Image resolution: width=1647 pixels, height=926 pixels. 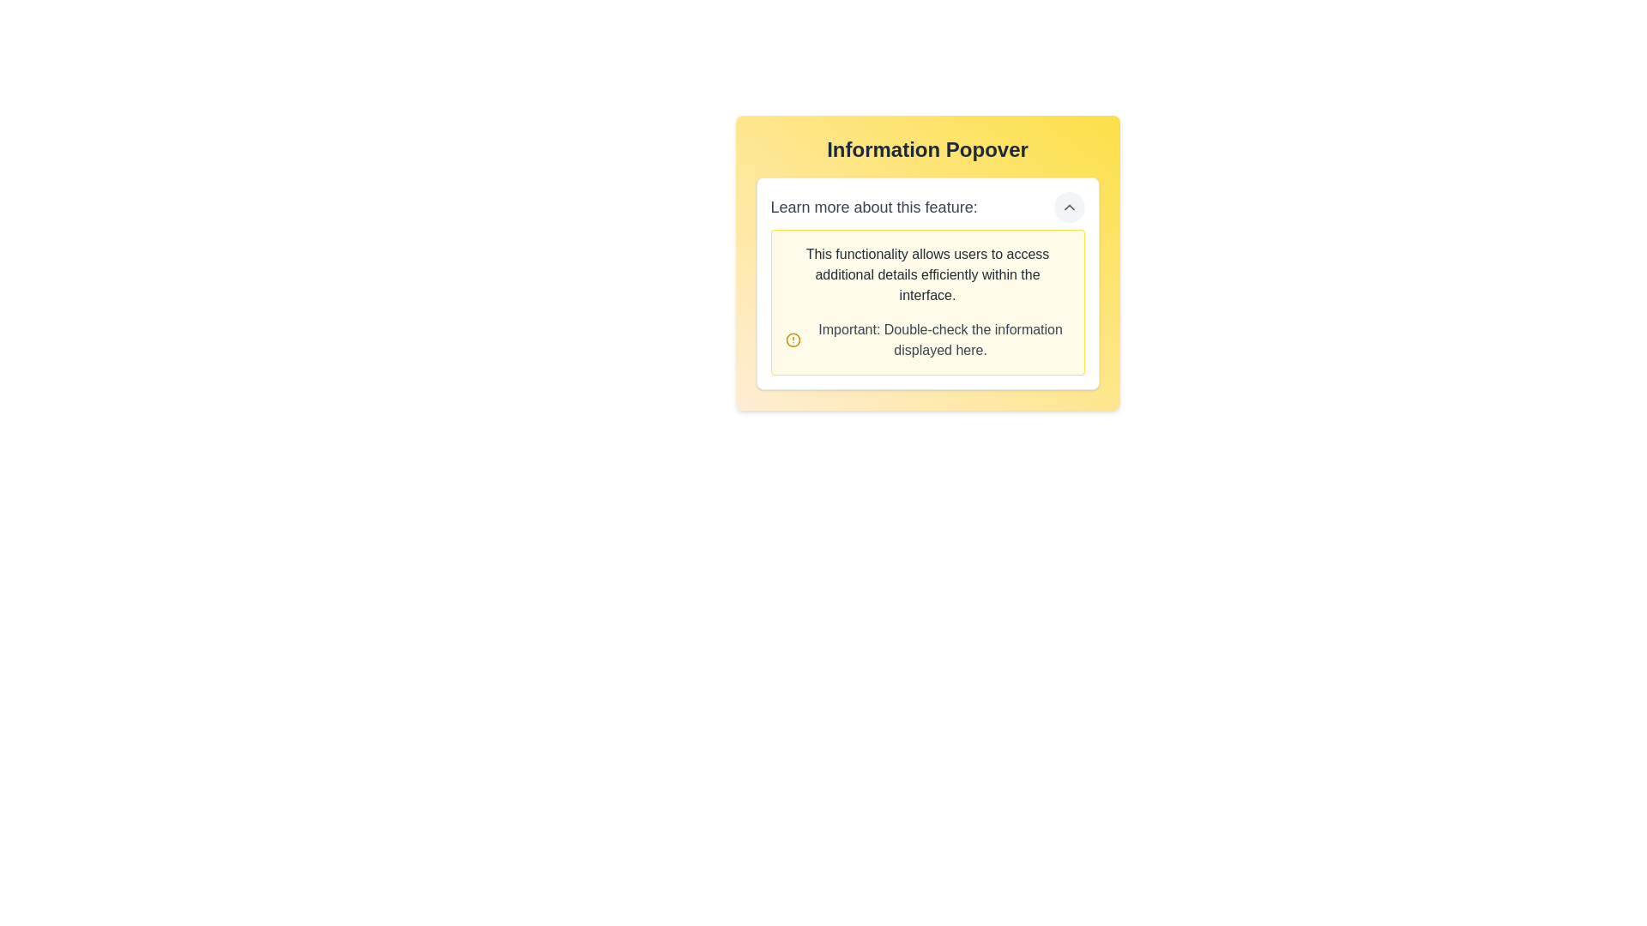 What do you see at coordinates (926, 148) in the screenshot?
I see `the prominent heading labeled 'Information Popover' displayed in bold, large-sized font with a dark gray color against a yellow-orange gradient background` at bounding box center [926, 148].